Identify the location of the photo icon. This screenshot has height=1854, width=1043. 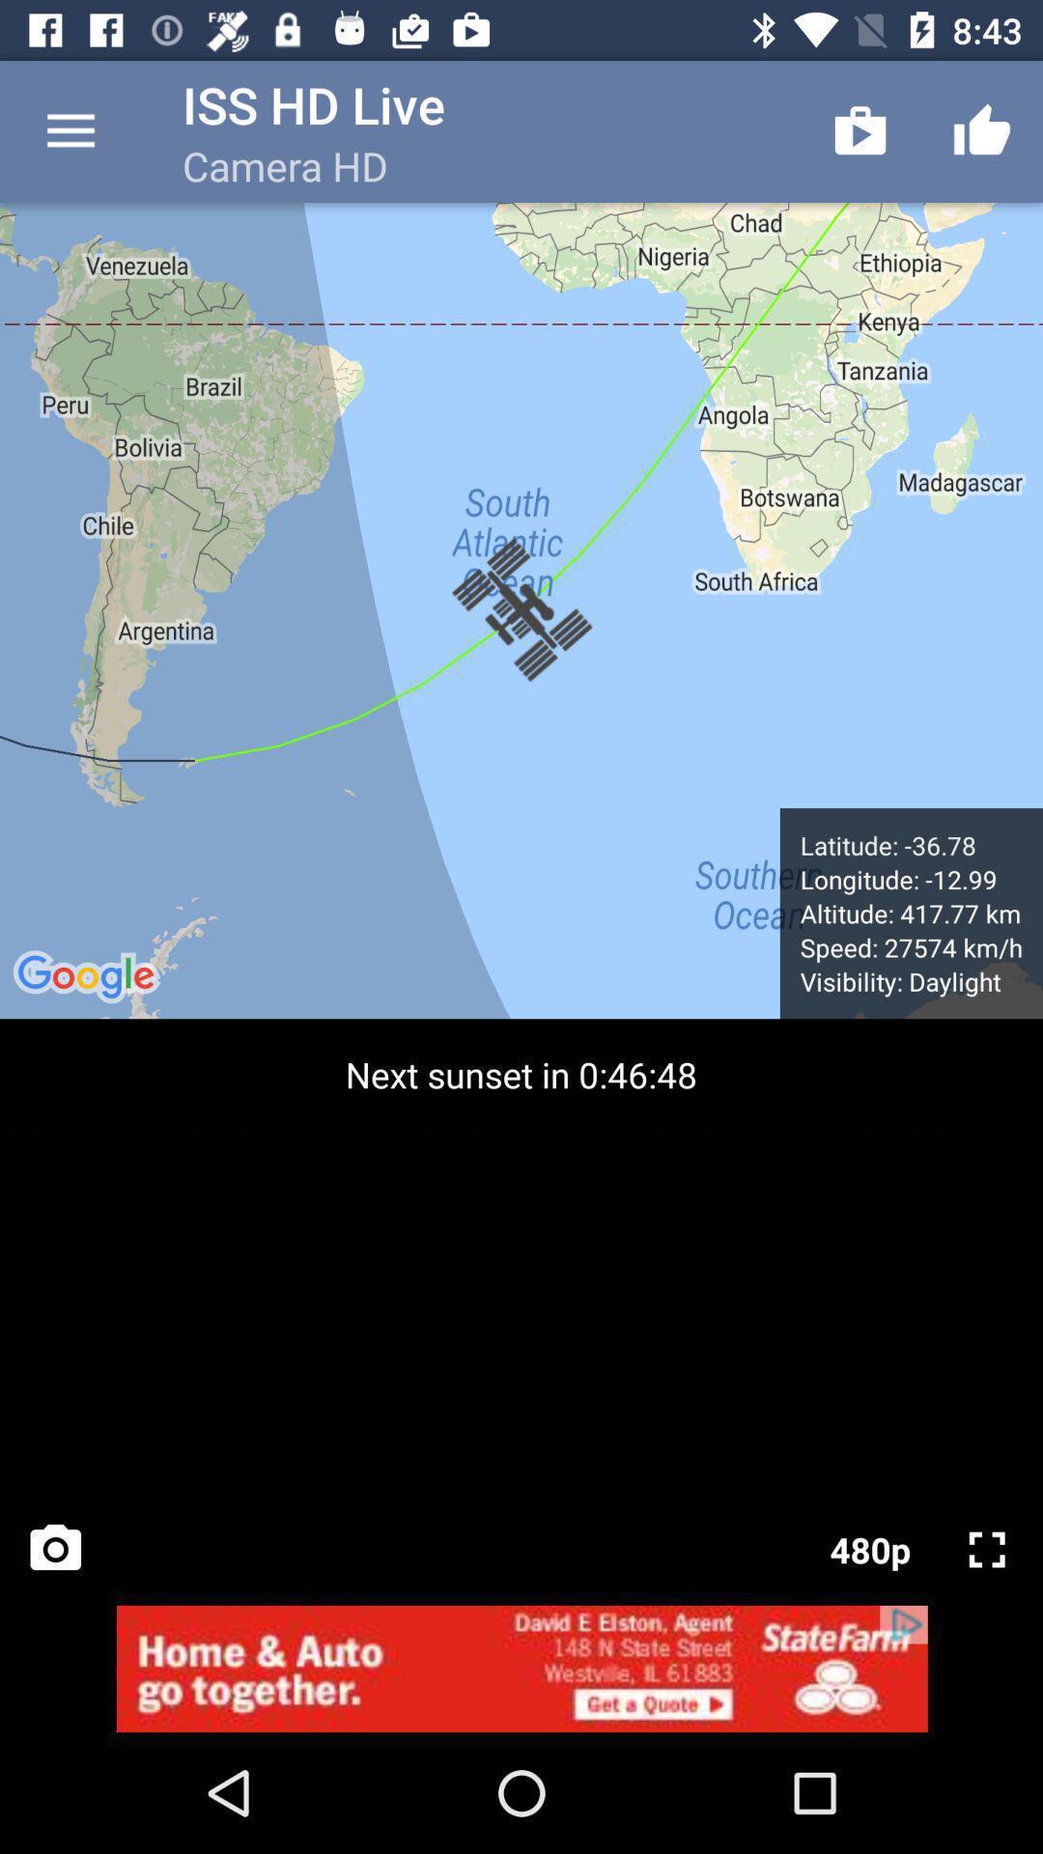
(54, 1549).